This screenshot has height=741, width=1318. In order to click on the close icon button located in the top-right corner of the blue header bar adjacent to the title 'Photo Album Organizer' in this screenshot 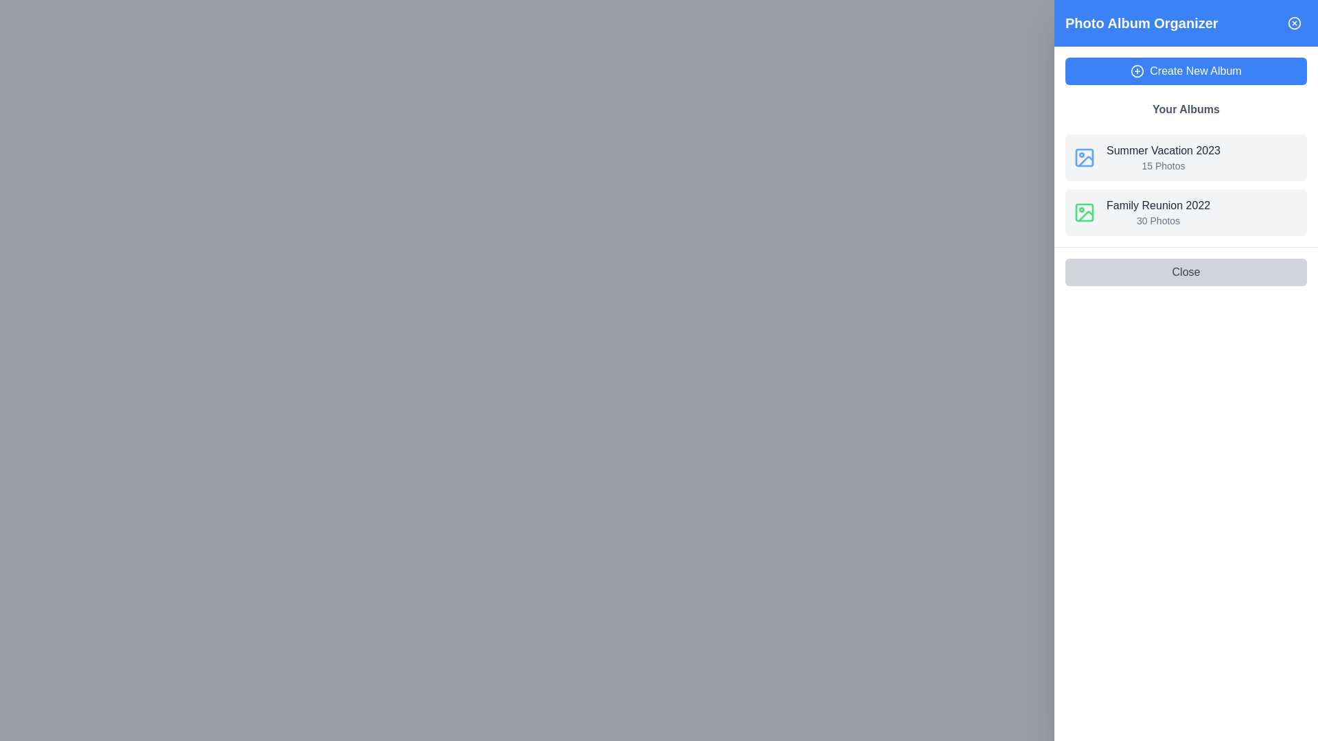, I will do `click(1294, 23)`.